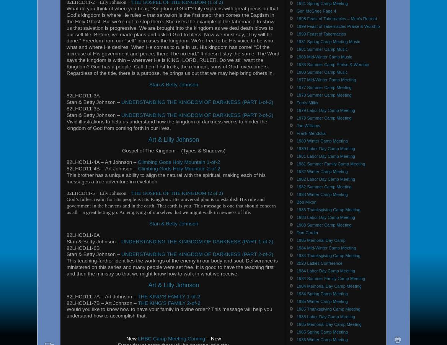 The height and width of the screenshot is (345, 447). What do you see at coordinates (320, 240) in the screenshot?
I see `'1985 Memorial Day Camp'` at bounding box center [320, 240].